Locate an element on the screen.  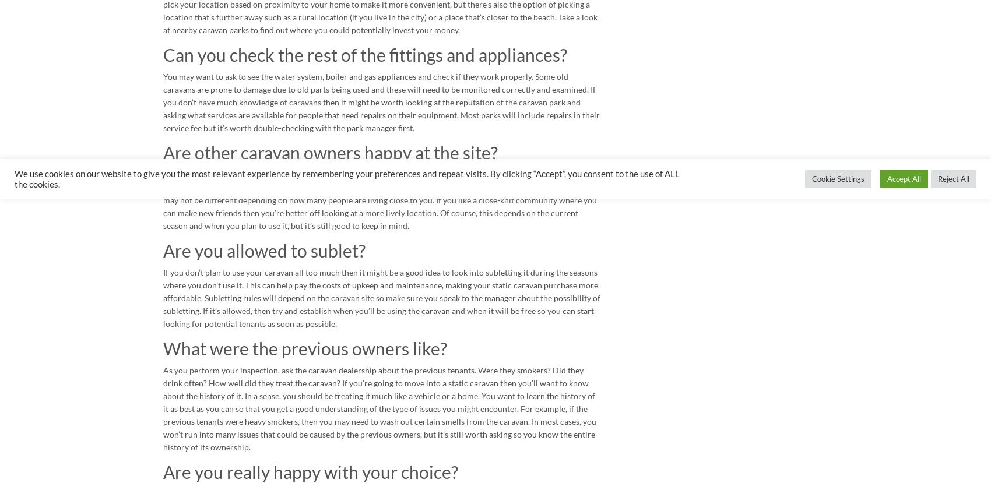
'We use cookies on our website to give you the most relevant experience by remembering your preferences and repeat visits. By clicking “Accept”, you consent to the use of ALL the cookies.' is located at coordinates (346, 178).